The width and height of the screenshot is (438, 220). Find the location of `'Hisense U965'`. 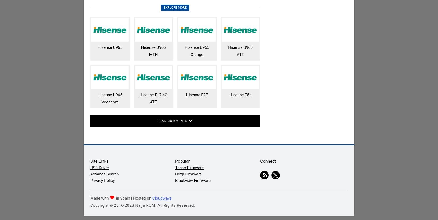

'Hisense U965' is located at coordinates (97, 47).